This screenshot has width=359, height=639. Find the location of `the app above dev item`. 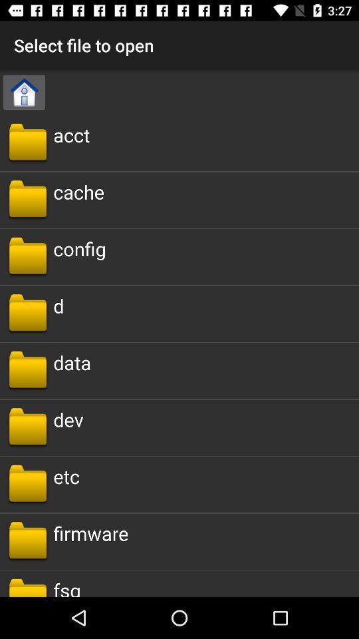

the app above dev item is located at coordinates (72, 362).